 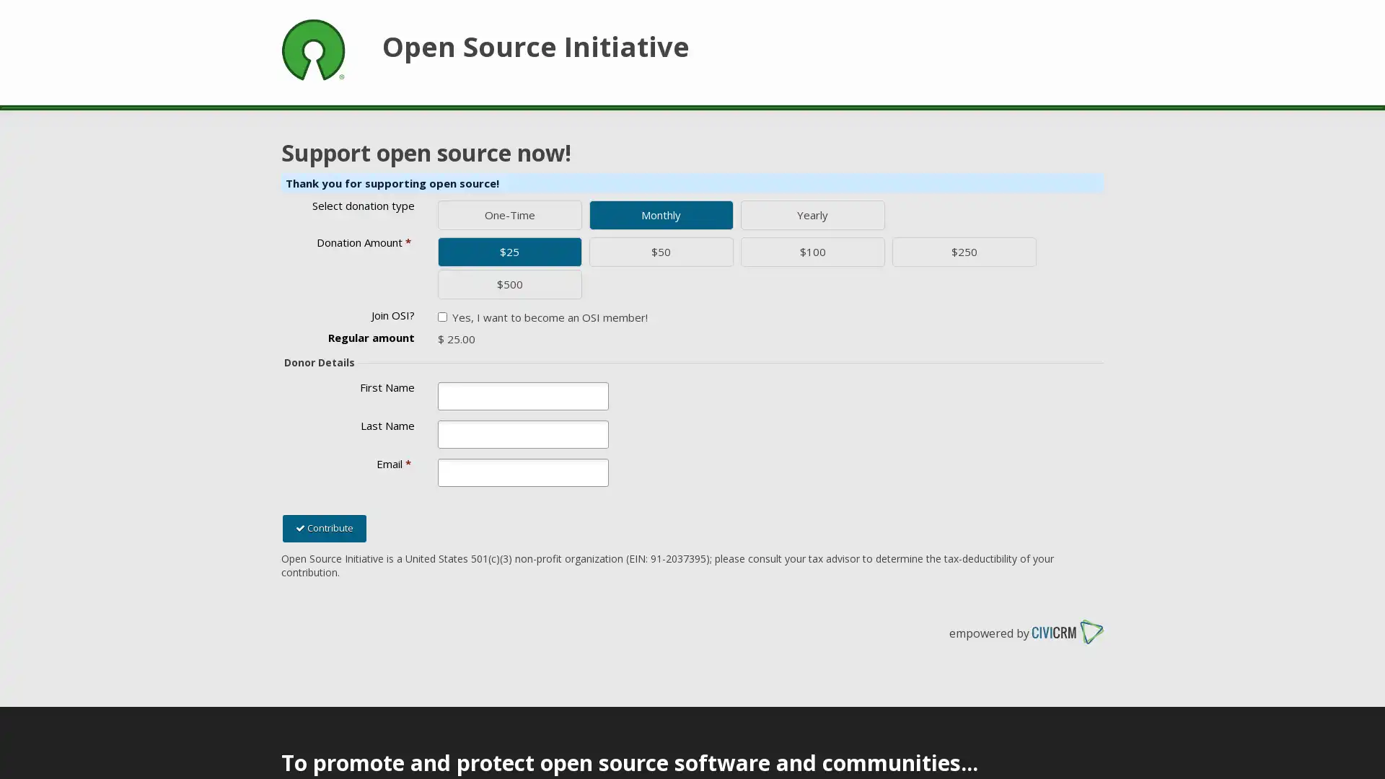 I want to click on Contribute, so click(x=324, y=528).